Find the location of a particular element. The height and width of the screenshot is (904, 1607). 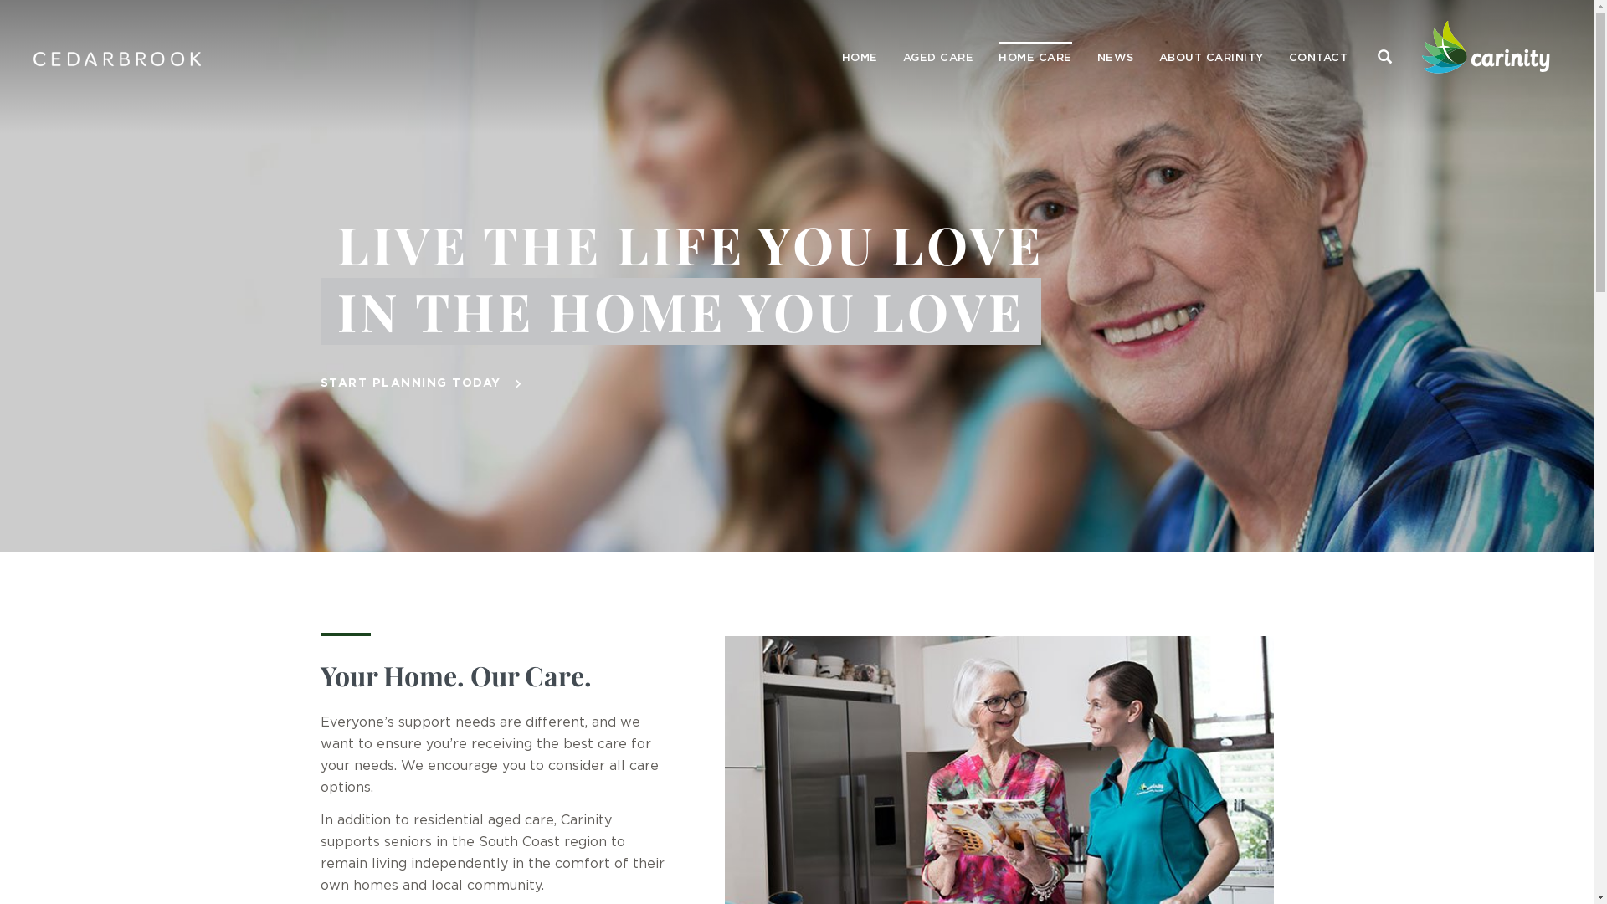

'CONTACT' is located at coordinates (1317, 57).